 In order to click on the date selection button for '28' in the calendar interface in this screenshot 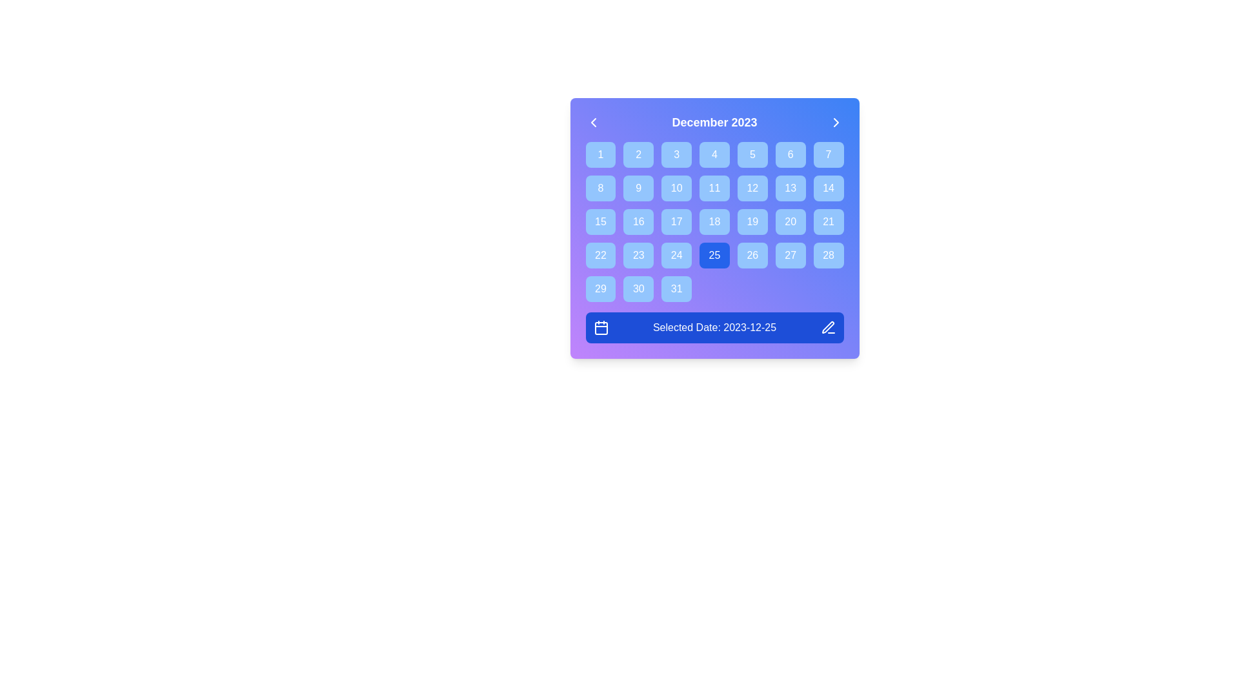, I will do `click(829, 256)`.